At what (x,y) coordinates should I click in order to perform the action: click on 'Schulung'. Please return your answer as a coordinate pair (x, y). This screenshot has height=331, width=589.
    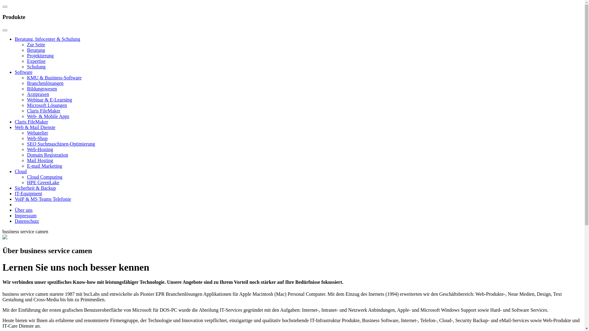
    Looking at the image, I should click on (26, 67).